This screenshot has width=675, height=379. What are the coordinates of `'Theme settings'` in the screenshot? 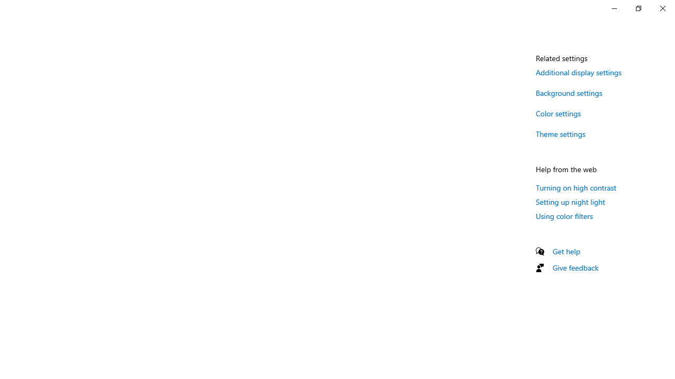 It's located at (560, 133).